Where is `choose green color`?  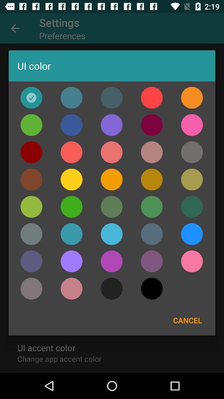 choose green color is located at coordinates (71, 206).